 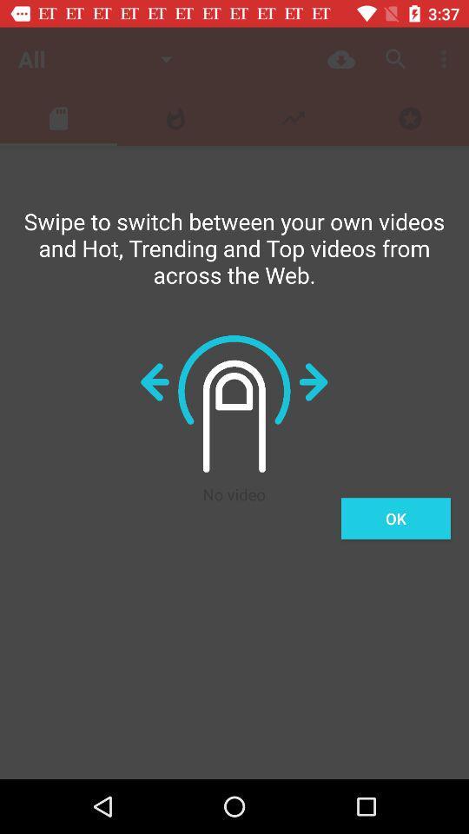 What do you see at coordinates (395, 519) in the screenshot?
I see `the icon below the swipe to switch icon` at bounding box center [395, 519].